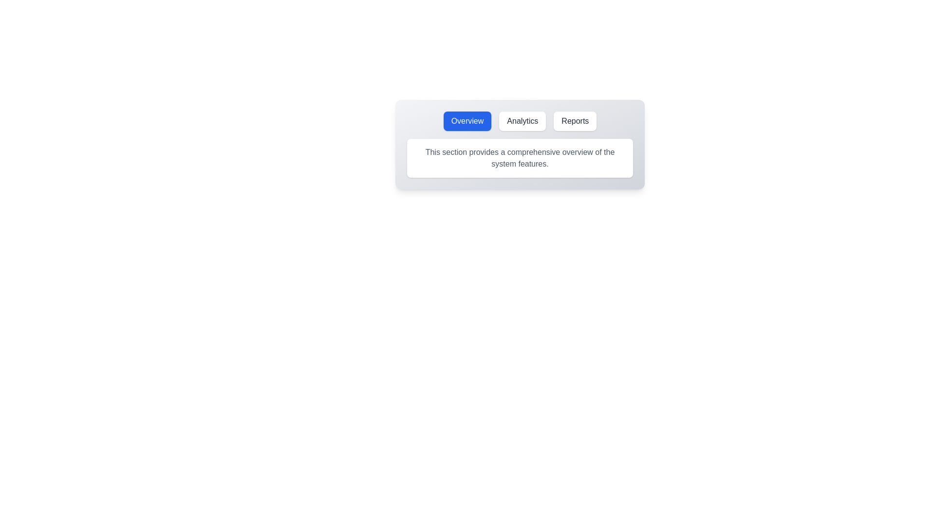  What do you see at coordinates (575, 121) in the screenshot?
I see `the Reports tab by clicking its button` at bounding box center [575, 121].